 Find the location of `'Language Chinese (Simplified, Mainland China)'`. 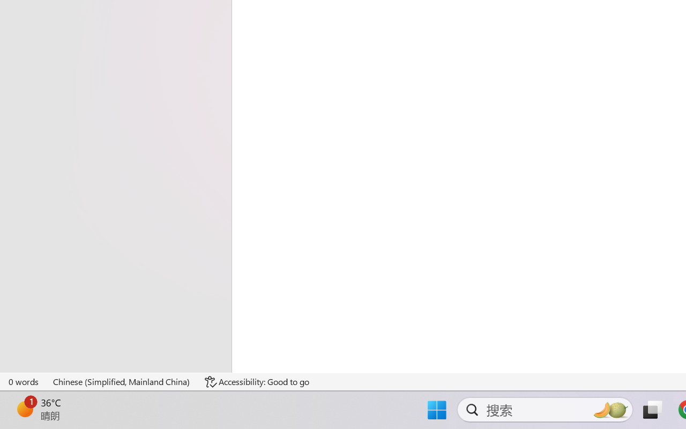

'Language Chinese (Simplified, Mainland China)' is located at coordinates (122, 381).